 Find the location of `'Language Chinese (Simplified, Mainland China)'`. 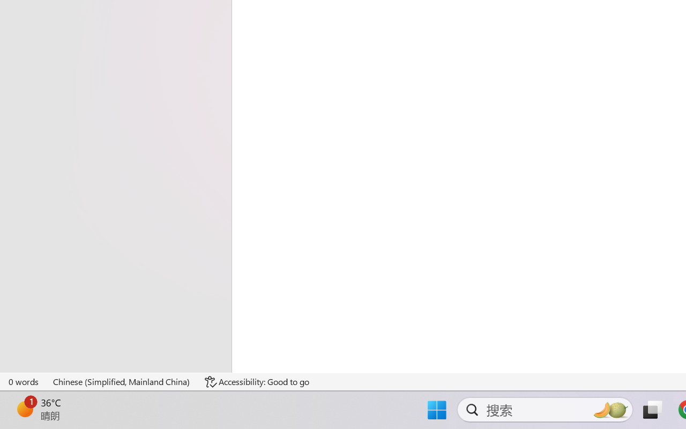

'Language Chinese (Simplified, Mainland China)' is located at coordinates (122, 381).